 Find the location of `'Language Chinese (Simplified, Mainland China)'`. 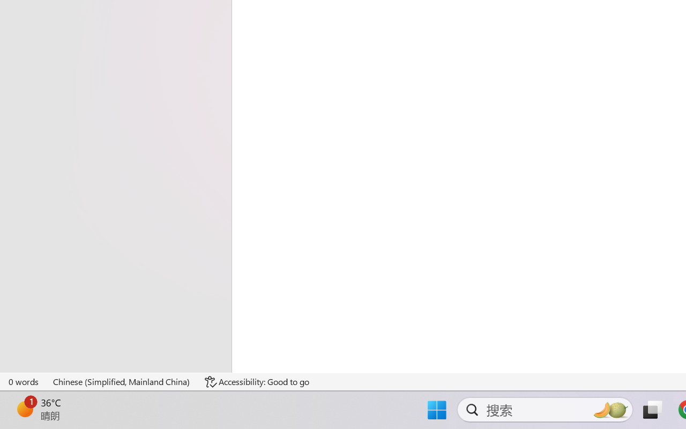

'Language Chinese (Simplified, Mainland China)' is located at coordinates (122, 381).